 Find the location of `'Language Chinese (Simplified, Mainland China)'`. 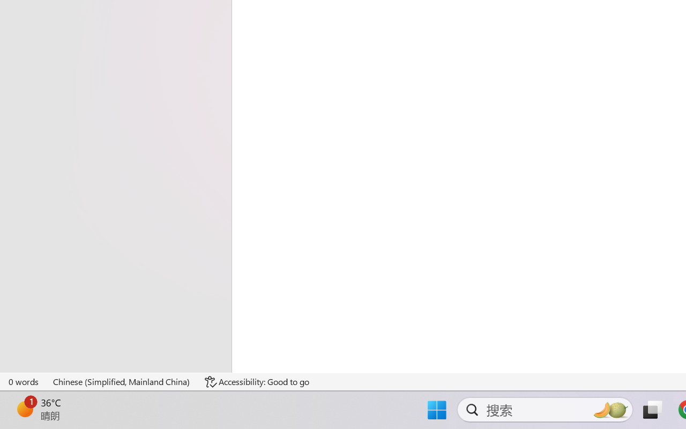

'Language Chinese (Simplified, Mainland China)' is located at coordinates (122, 381).